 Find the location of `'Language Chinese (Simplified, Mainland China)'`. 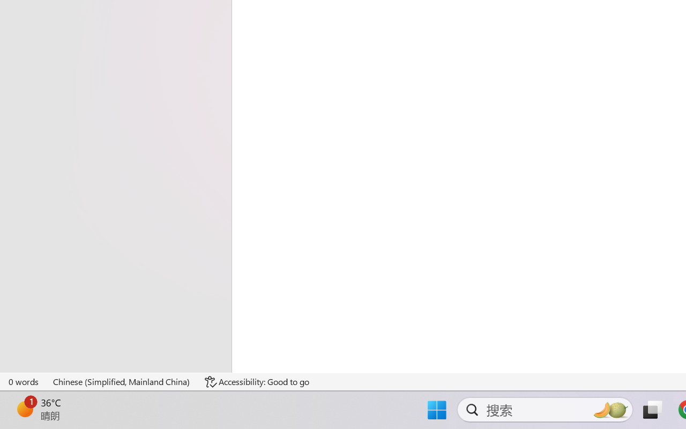

'Language Chinese (Simplified, Mainland China)' is located at coordinates (122, 381).